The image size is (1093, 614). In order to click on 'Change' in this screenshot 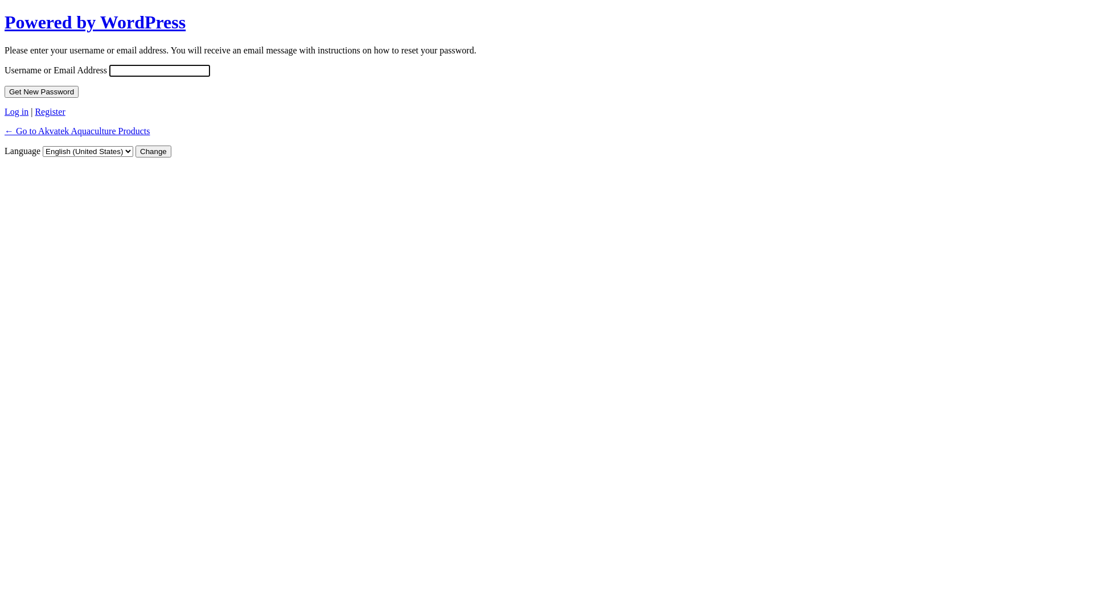, I will do `click(153, 151)`.